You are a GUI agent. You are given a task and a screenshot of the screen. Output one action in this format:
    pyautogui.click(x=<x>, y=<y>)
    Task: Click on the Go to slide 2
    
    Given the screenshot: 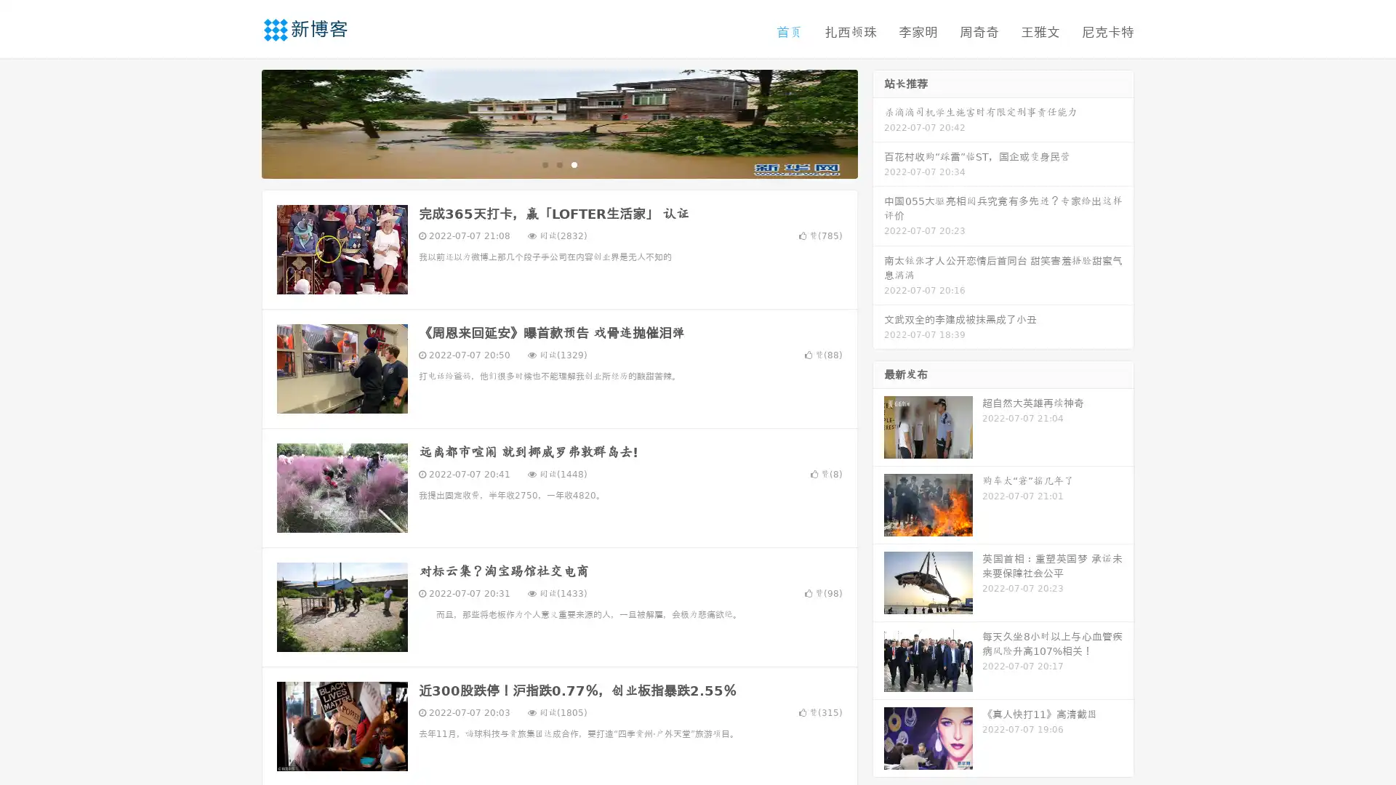 What is the action you would take?
    pyautogui.click(x=558, y=164)
    